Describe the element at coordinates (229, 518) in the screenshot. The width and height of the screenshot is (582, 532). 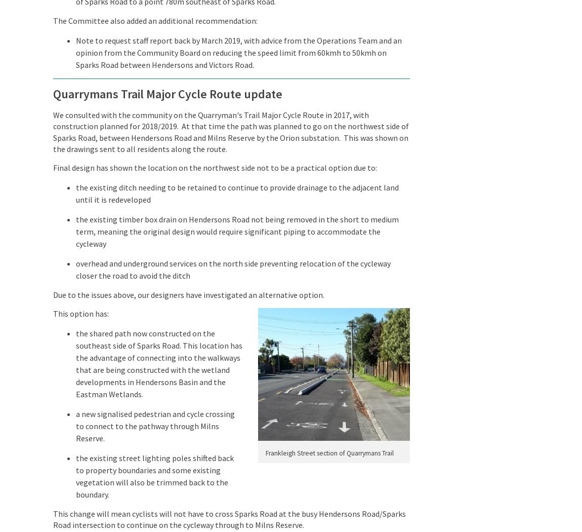
I see `'This change will mean cyclists will not have to cross Sparks Road at the busy Hendersons Road/Sparks Road intersection to continue on the cycleway through to Milns Reserve.'` at that location.